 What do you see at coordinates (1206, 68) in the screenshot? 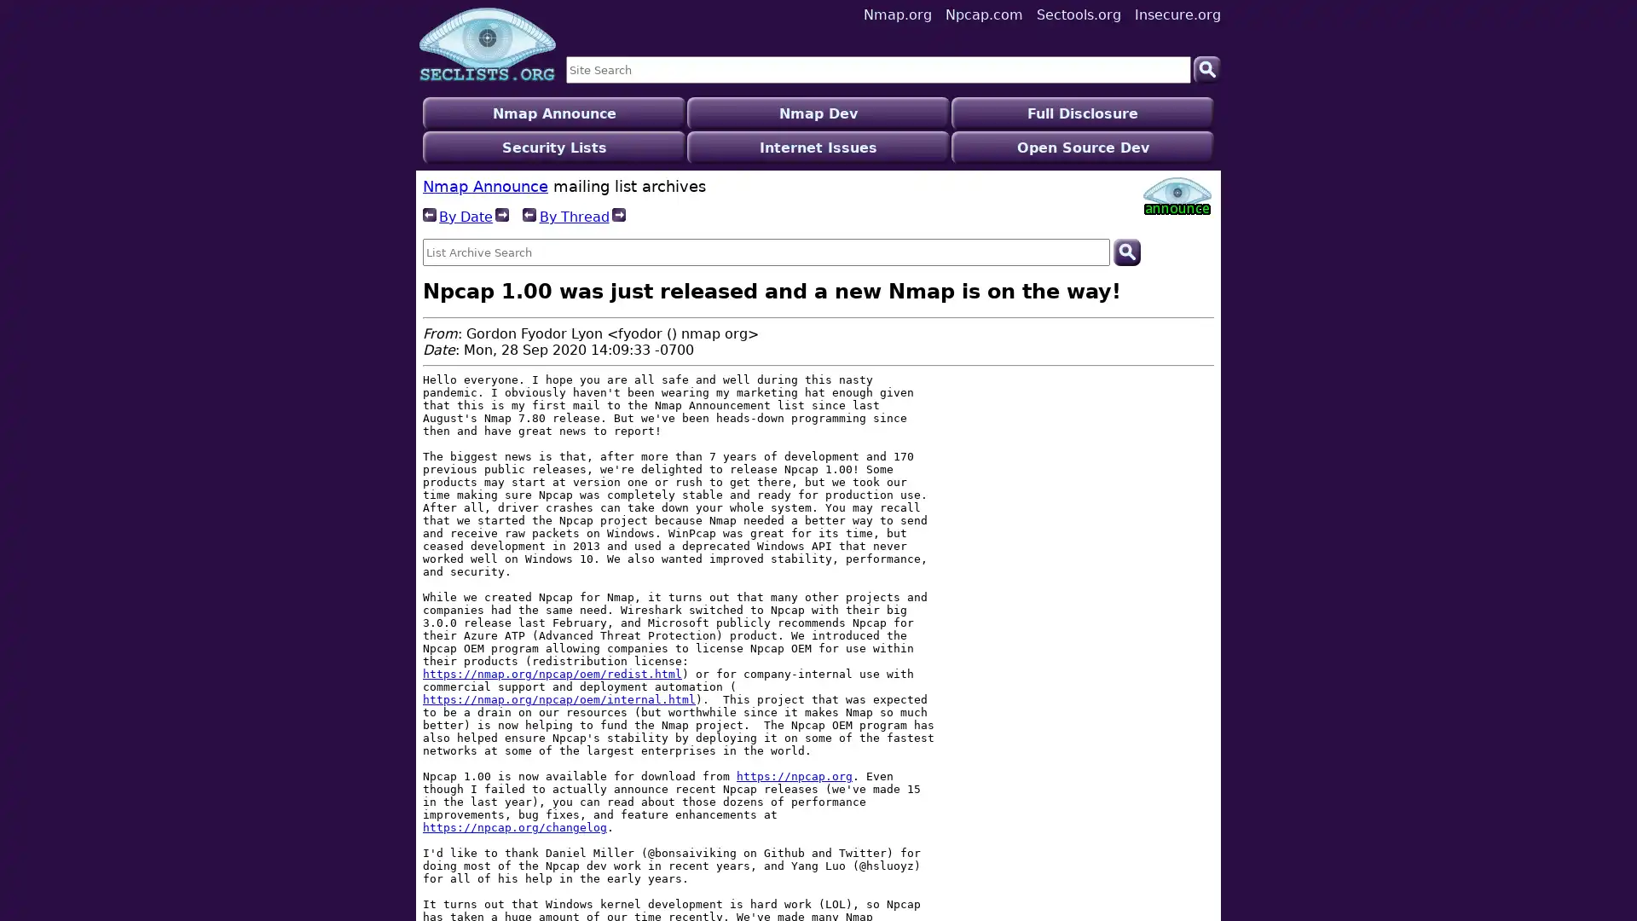
I see `Search` at bounding box center [1206, 68].